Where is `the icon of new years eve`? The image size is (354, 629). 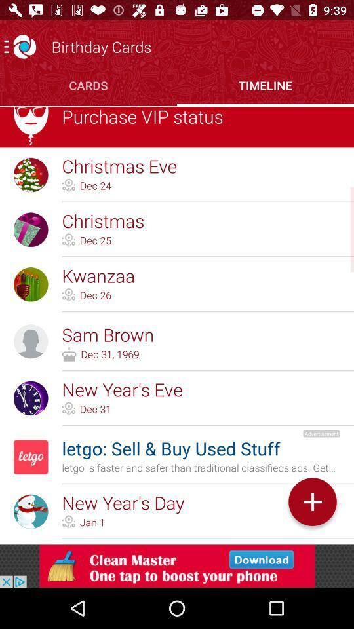 the icon of new years eve is located at coordinates (31, 397).